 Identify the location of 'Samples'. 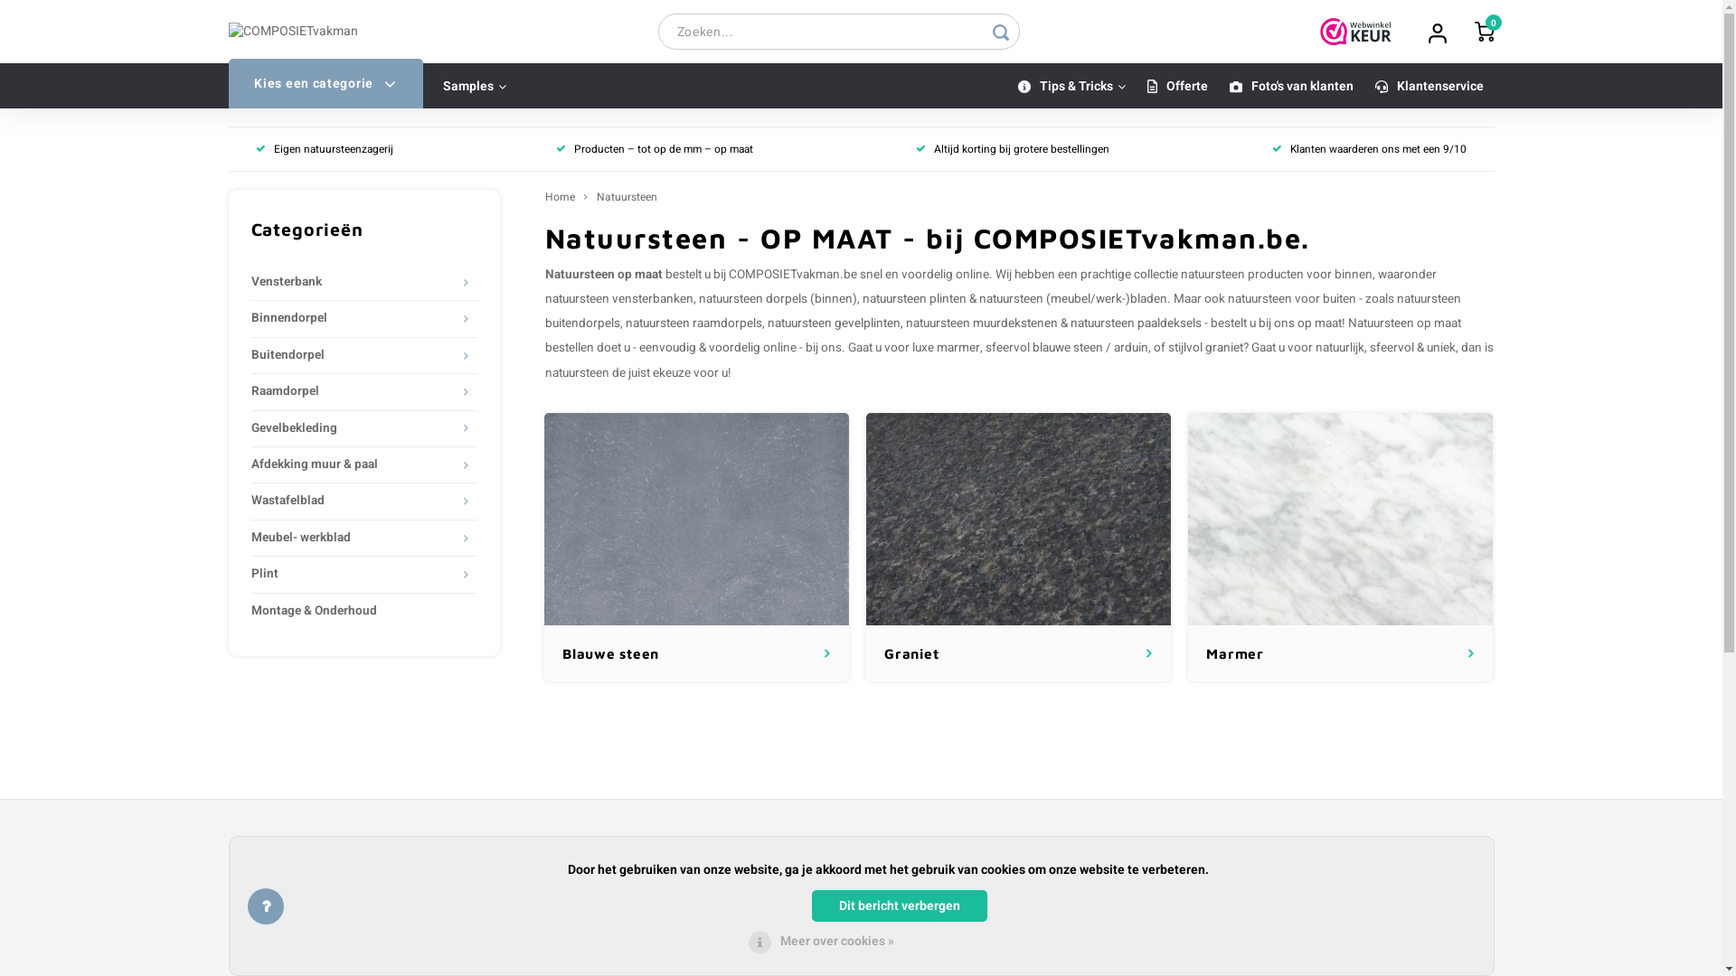
(474, 87).